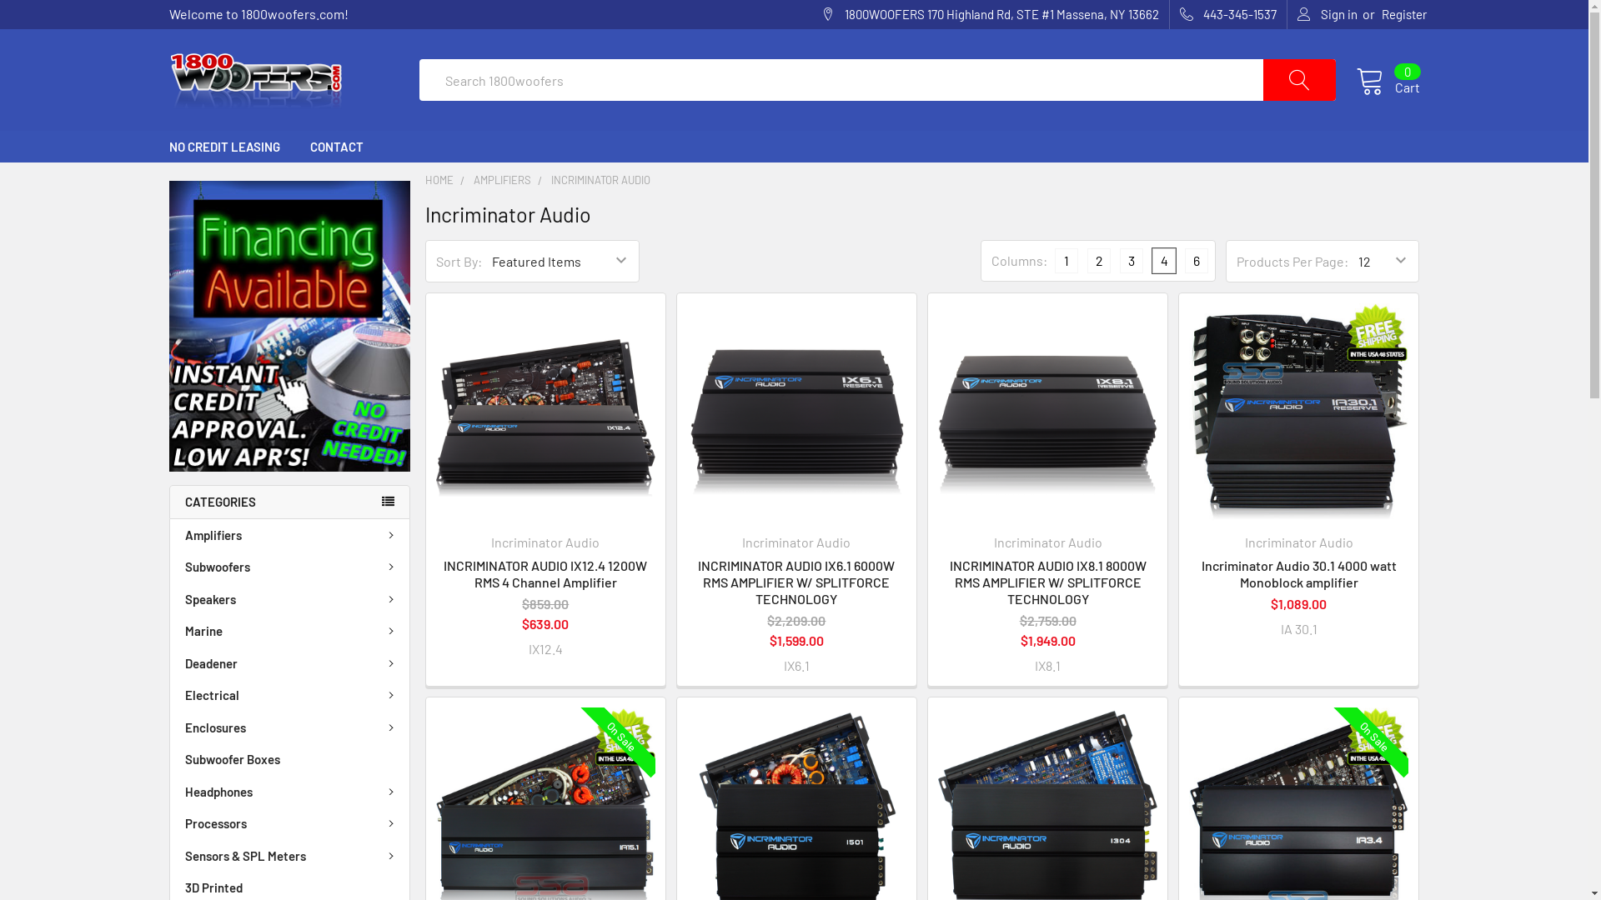  I want to click on 'Search', so click(1309, 80).